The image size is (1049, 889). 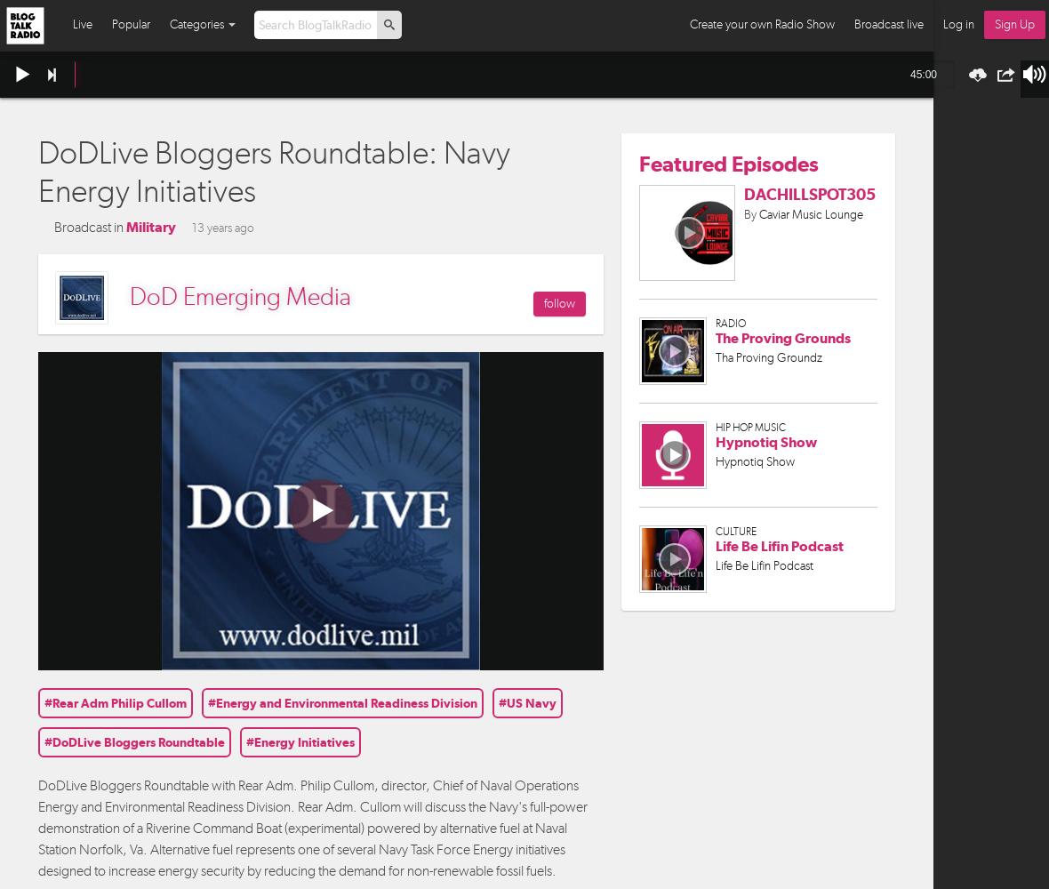 I want to click on 'Featured Episodes', so click(x=637, y=163).